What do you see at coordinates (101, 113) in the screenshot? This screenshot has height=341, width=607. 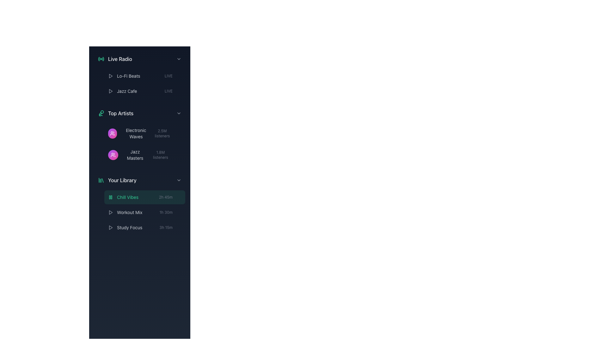 I see `the microphone icon in green located next to the 'Top Artists' label in the sidebar menu` at bounding box center [101, 113].